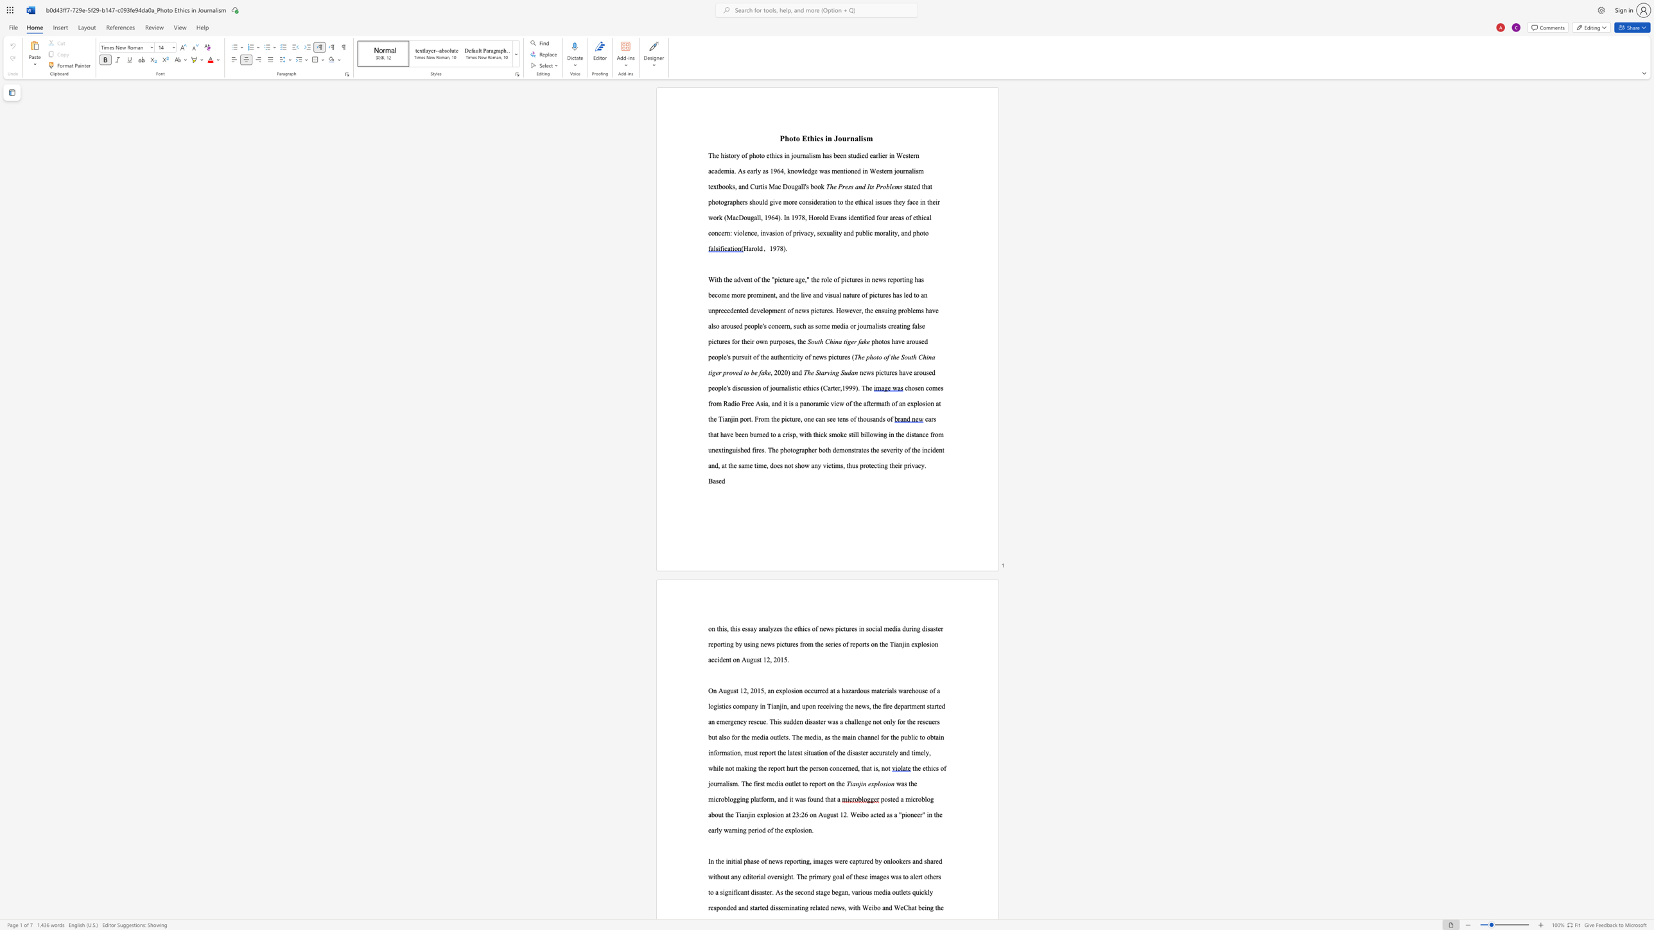  What do you see at coordinates (751, 248) in the screenshot?
I see `the subset text "ro" within the text "Harold，1978)."` at bounding box center [751, 248].